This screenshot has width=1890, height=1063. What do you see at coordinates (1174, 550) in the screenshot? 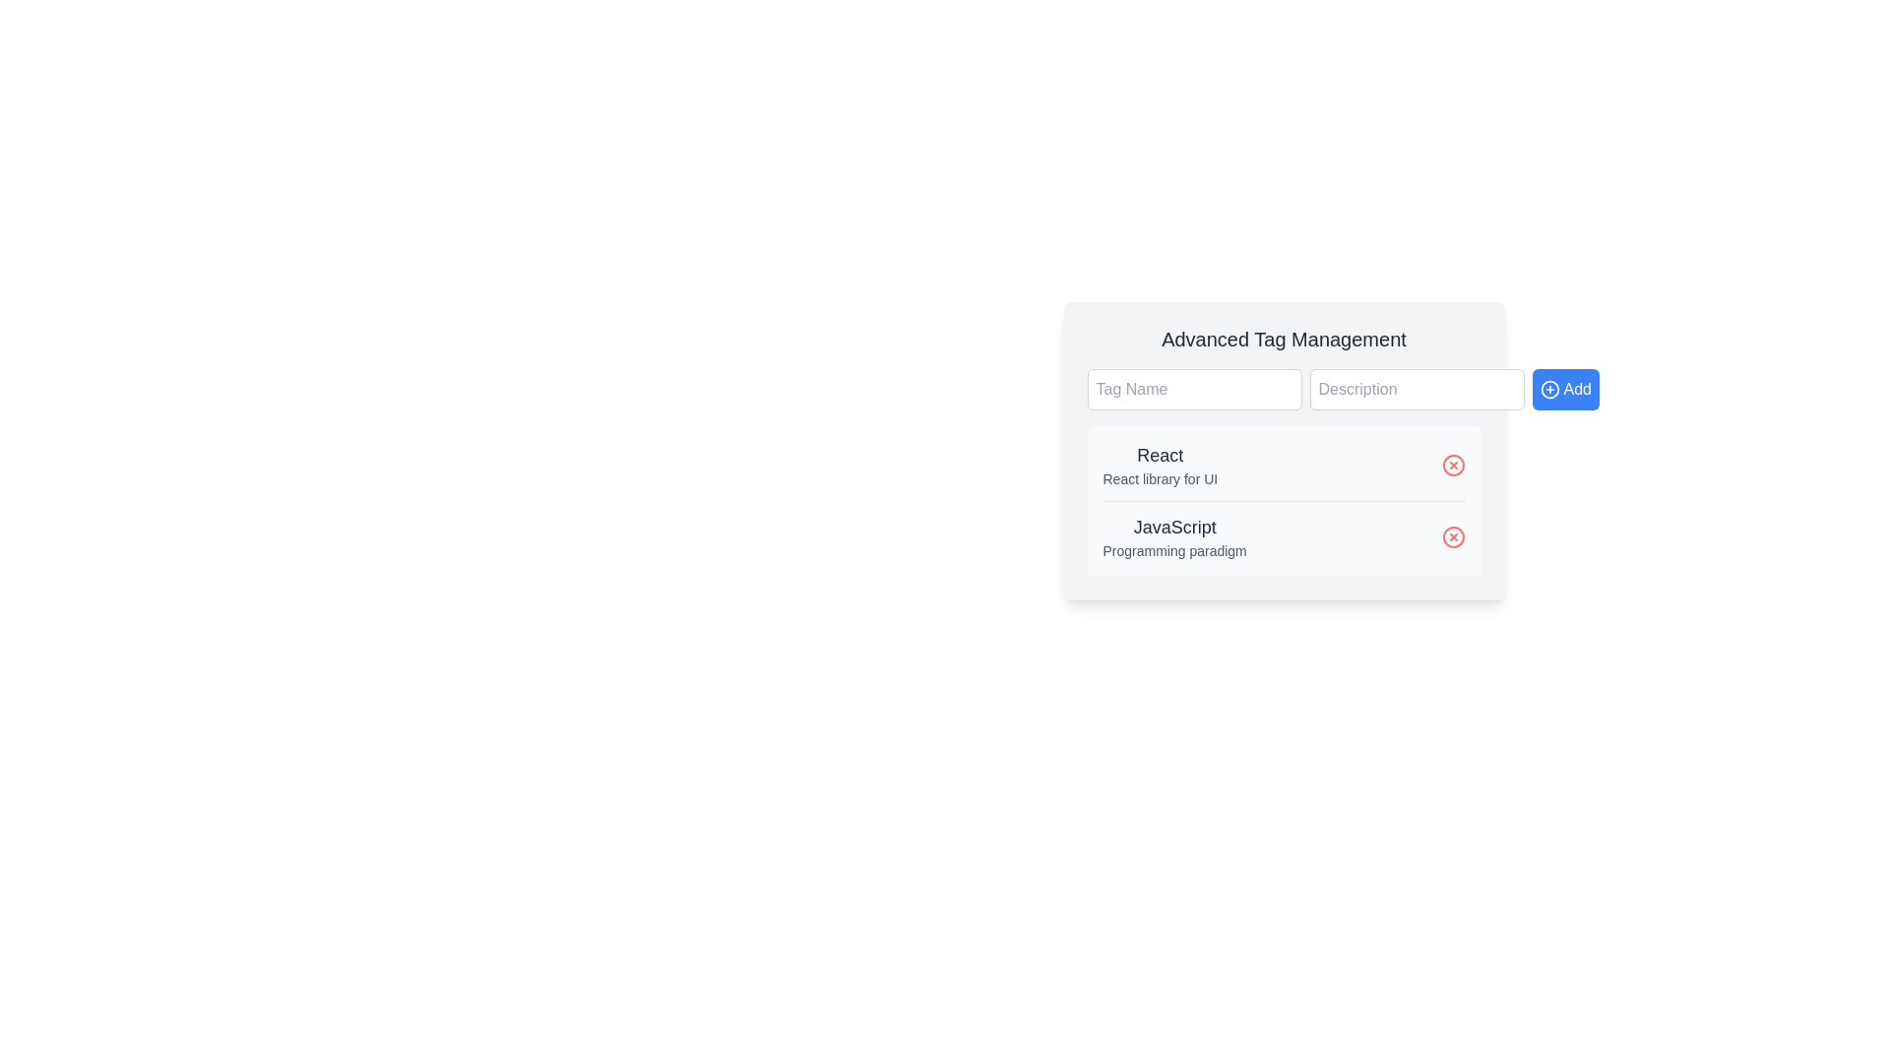
I see `the text label 'Programming paradigm', which is styled smaller and lighter compared to the larger text 'JavaScript' above it, indicating it as a description in the 'Advanced Tag Management' section` at bounding box center [1174, 550].